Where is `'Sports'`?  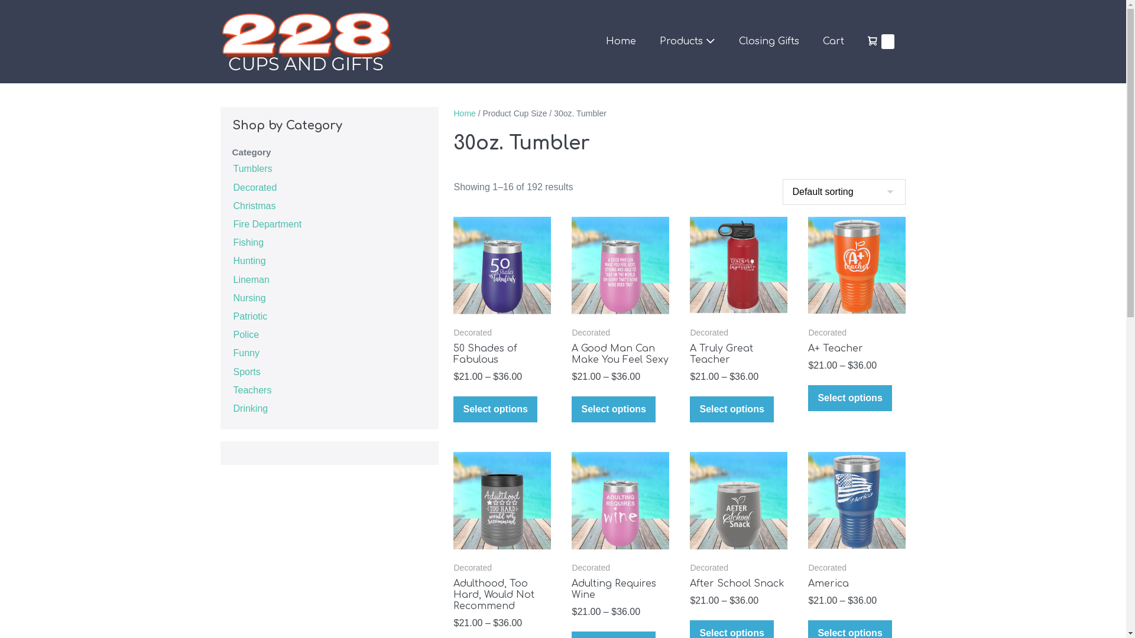 'Sports' is located at coordinates (246, 370).